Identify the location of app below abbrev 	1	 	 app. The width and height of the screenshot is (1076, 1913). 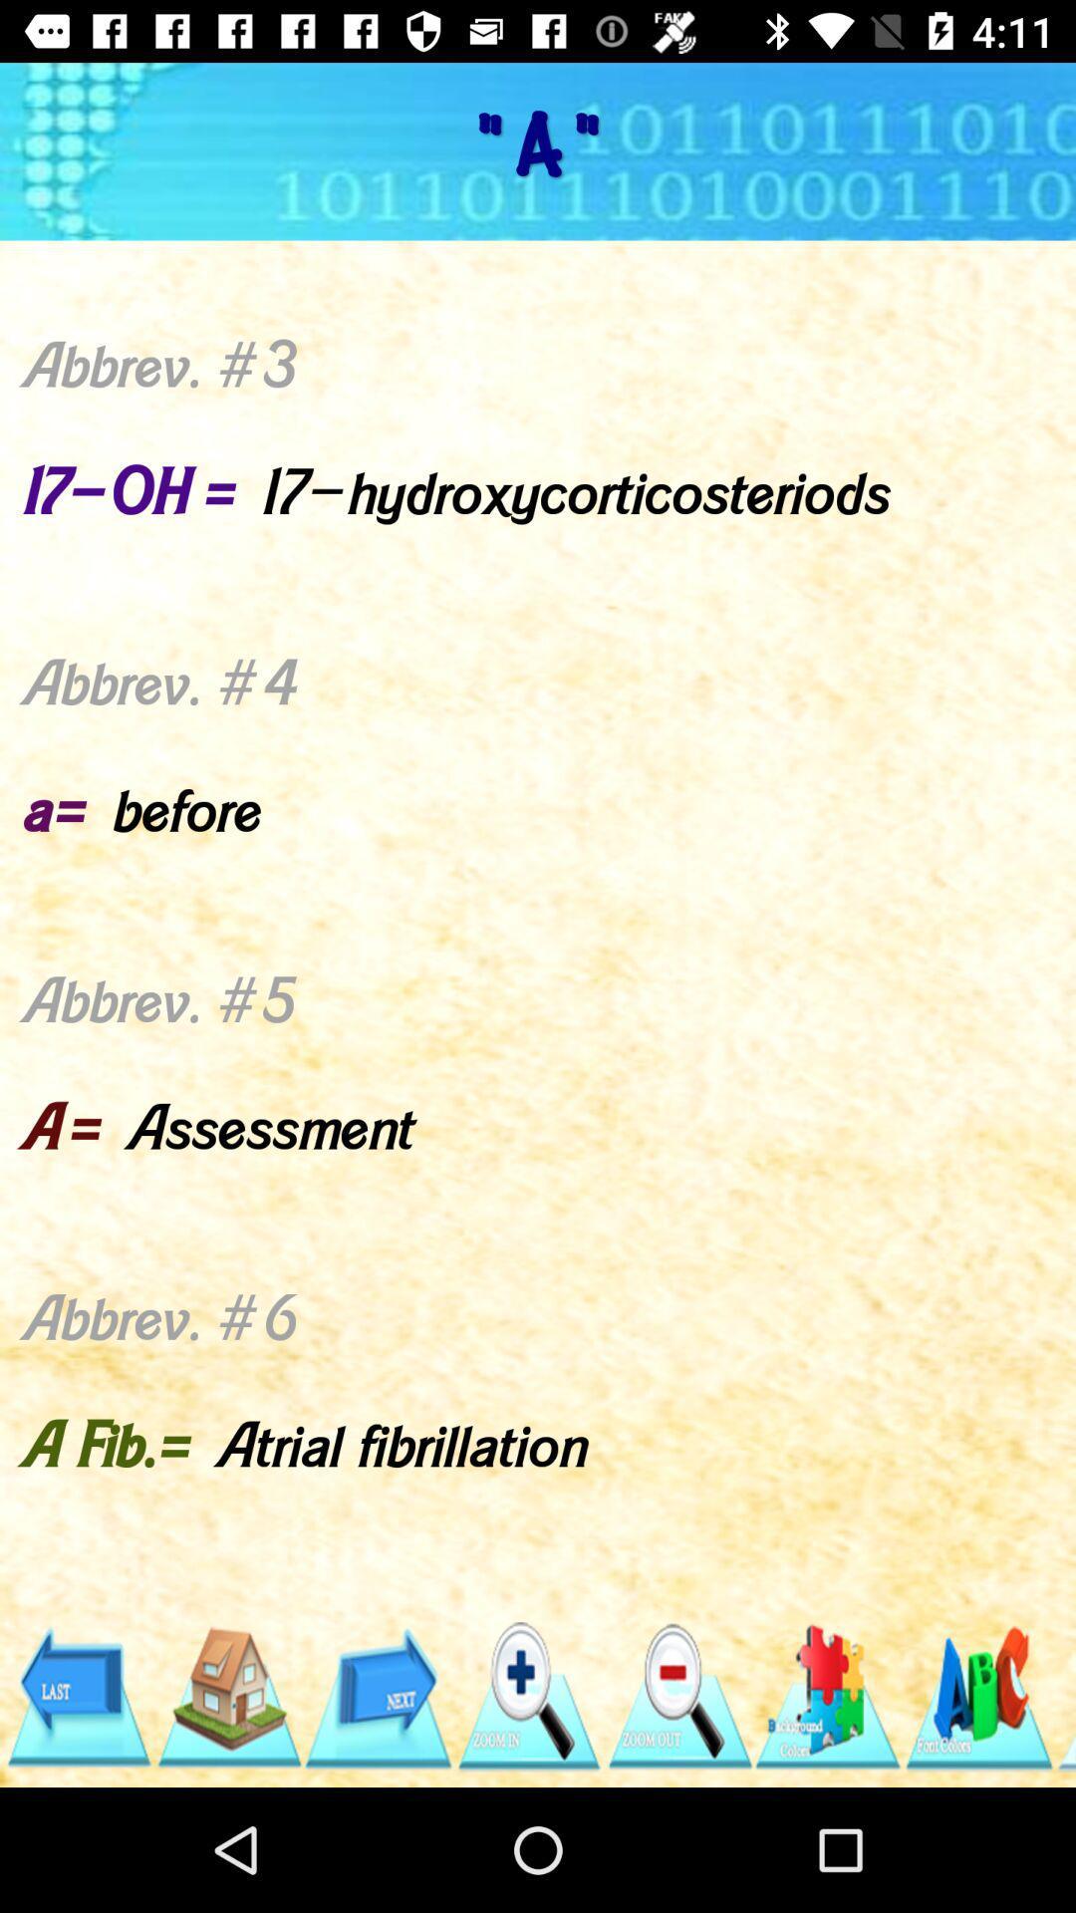
(829, 1696).